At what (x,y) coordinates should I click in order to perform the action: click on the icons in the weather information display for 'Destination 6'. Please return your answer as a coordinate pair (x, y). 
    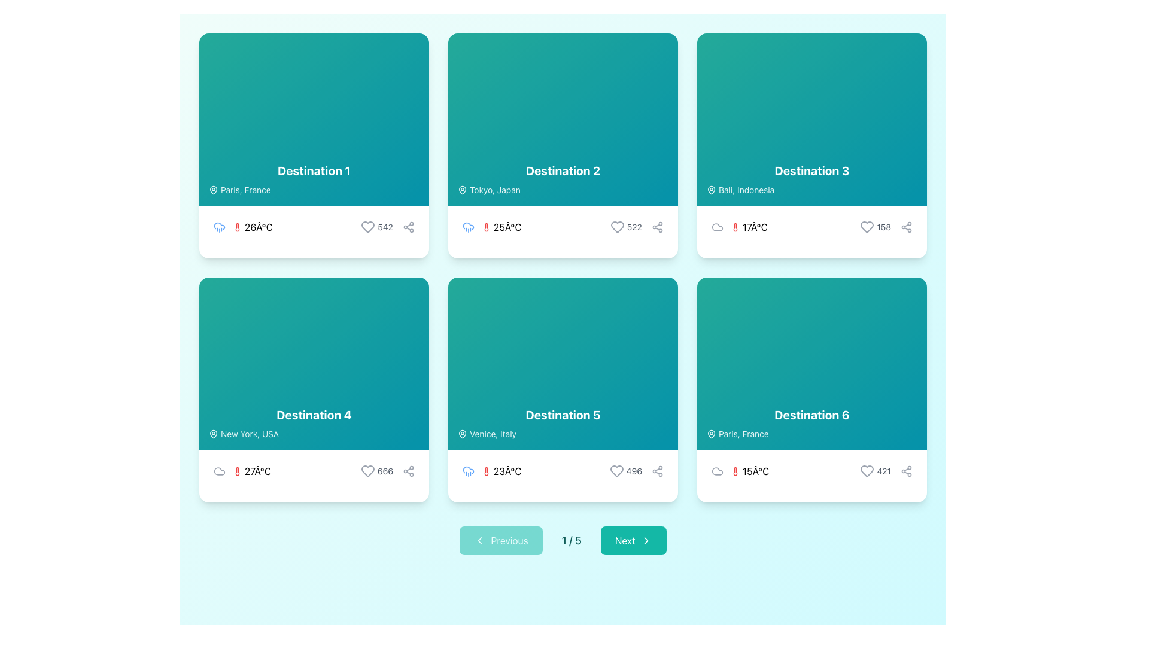
    Looking at the image, I should click on (812, 475).